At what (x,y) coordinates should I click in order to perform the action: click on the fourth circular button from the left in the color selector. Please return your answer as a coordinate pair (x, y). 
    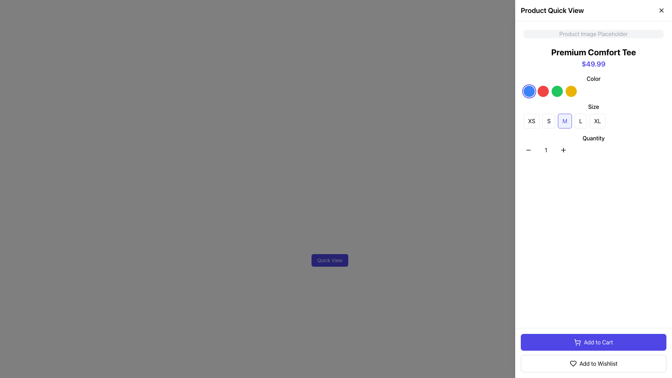
    Looking at the image, I should click on (571, 91).